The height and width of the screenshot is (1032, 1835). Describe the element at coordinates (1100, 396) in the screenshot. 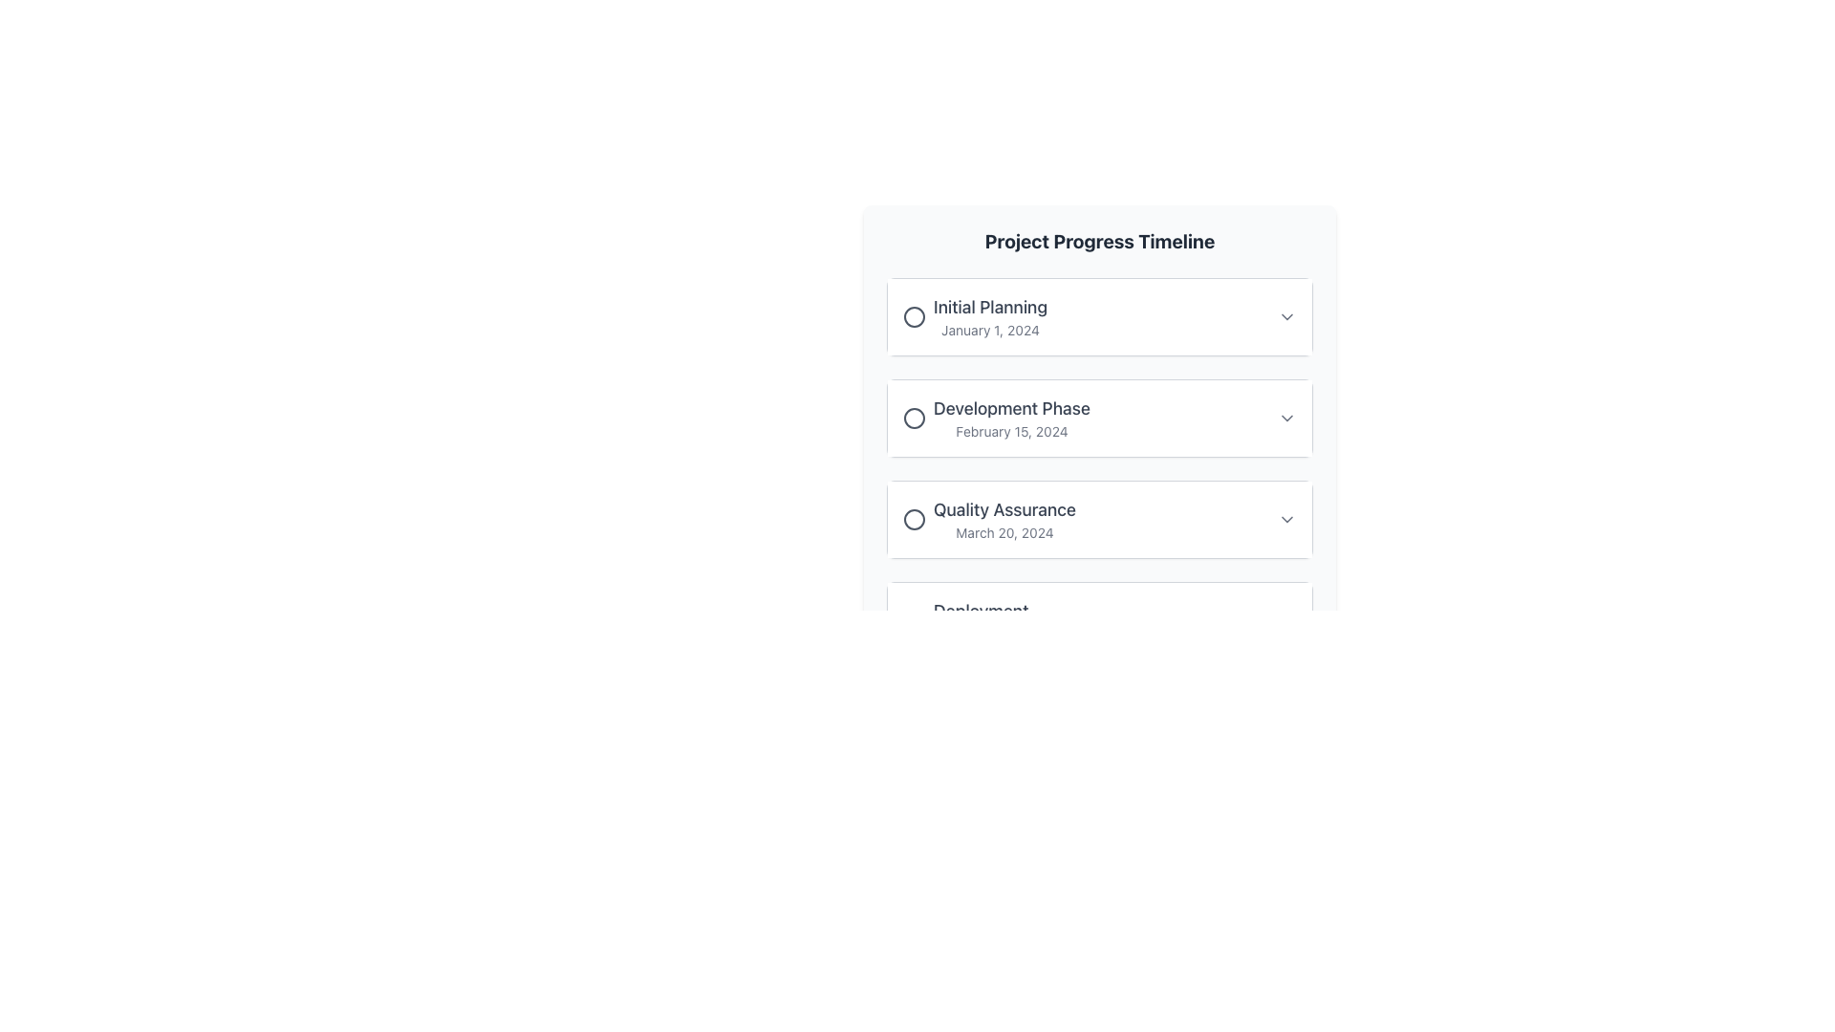

I see `the second entry of the timeline to interact with its details` at that location.